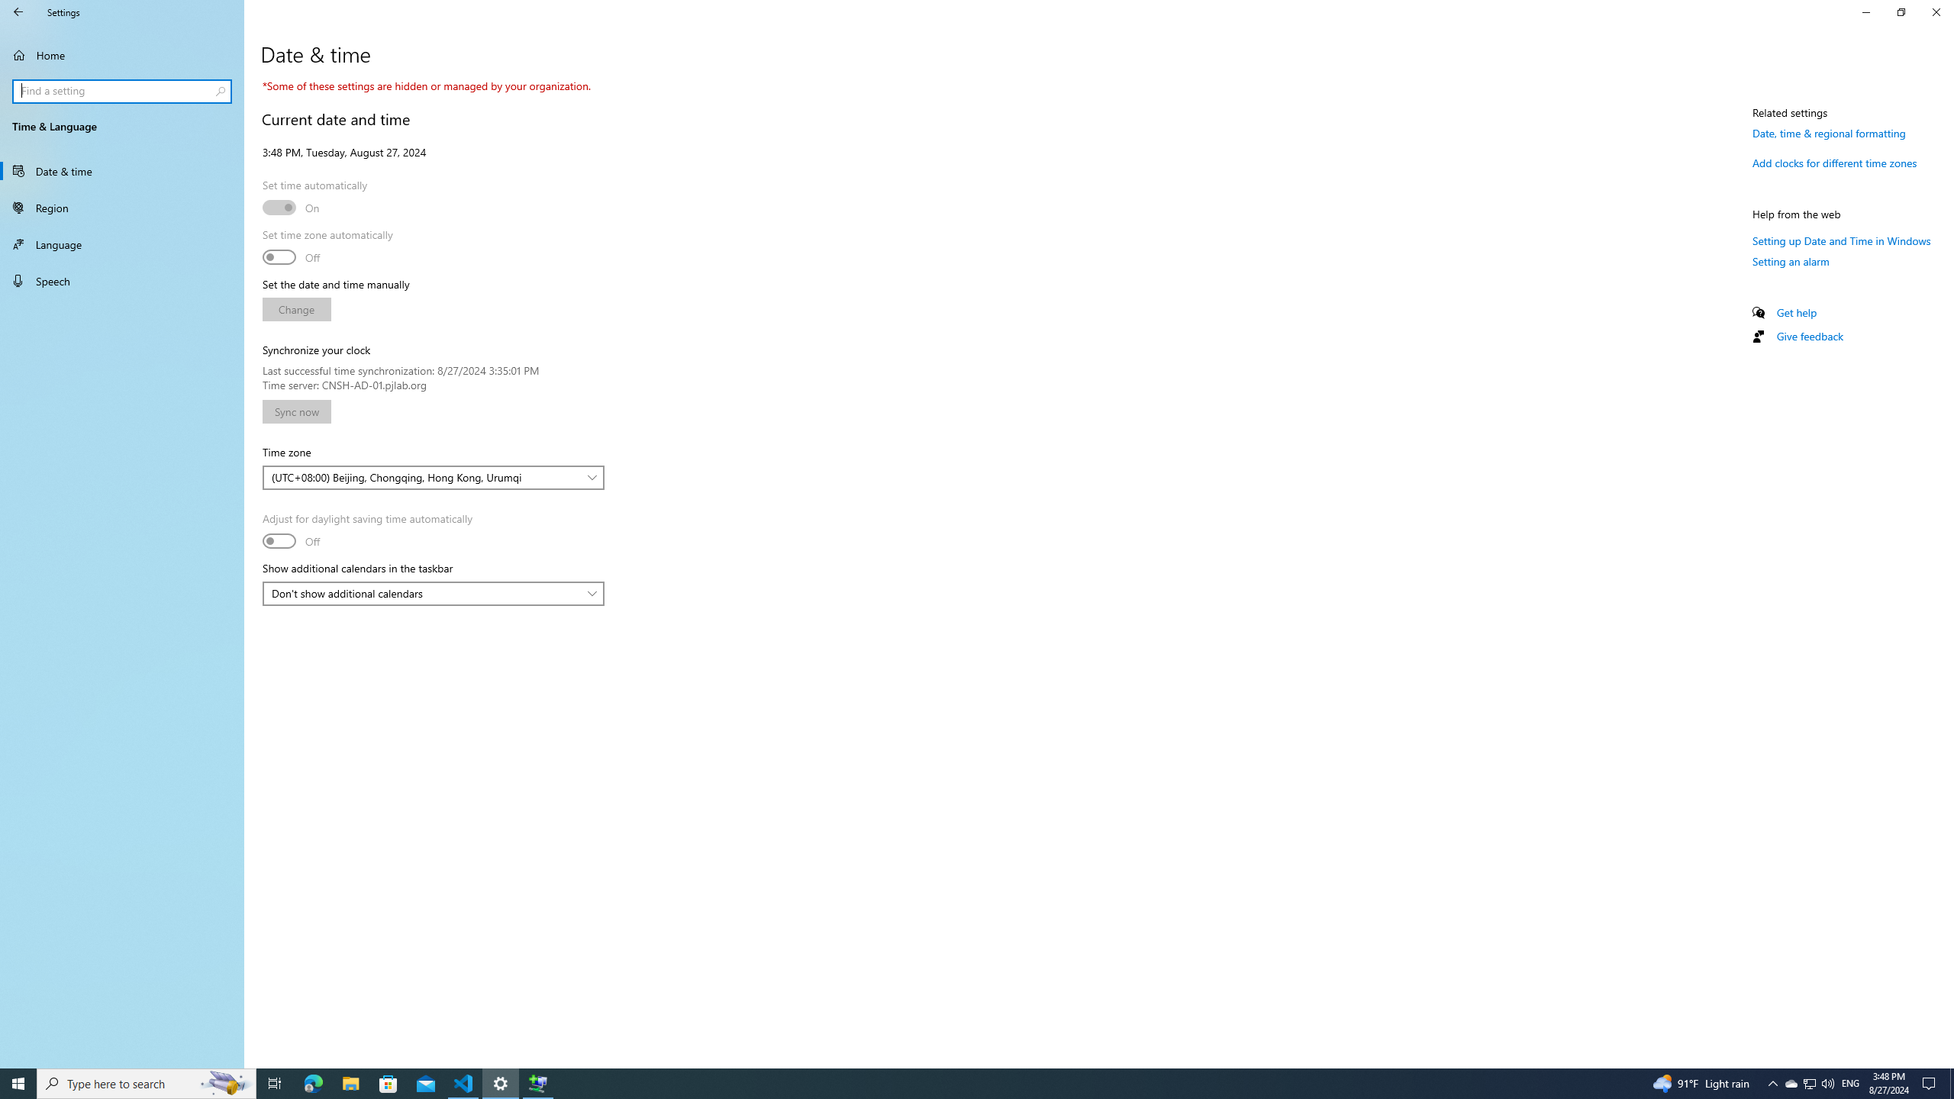 The width and height of the screenshot is (1954, 1099). Describe the element at coordinates (121, 207) in the screenshot. I see `'Region'` at that location.